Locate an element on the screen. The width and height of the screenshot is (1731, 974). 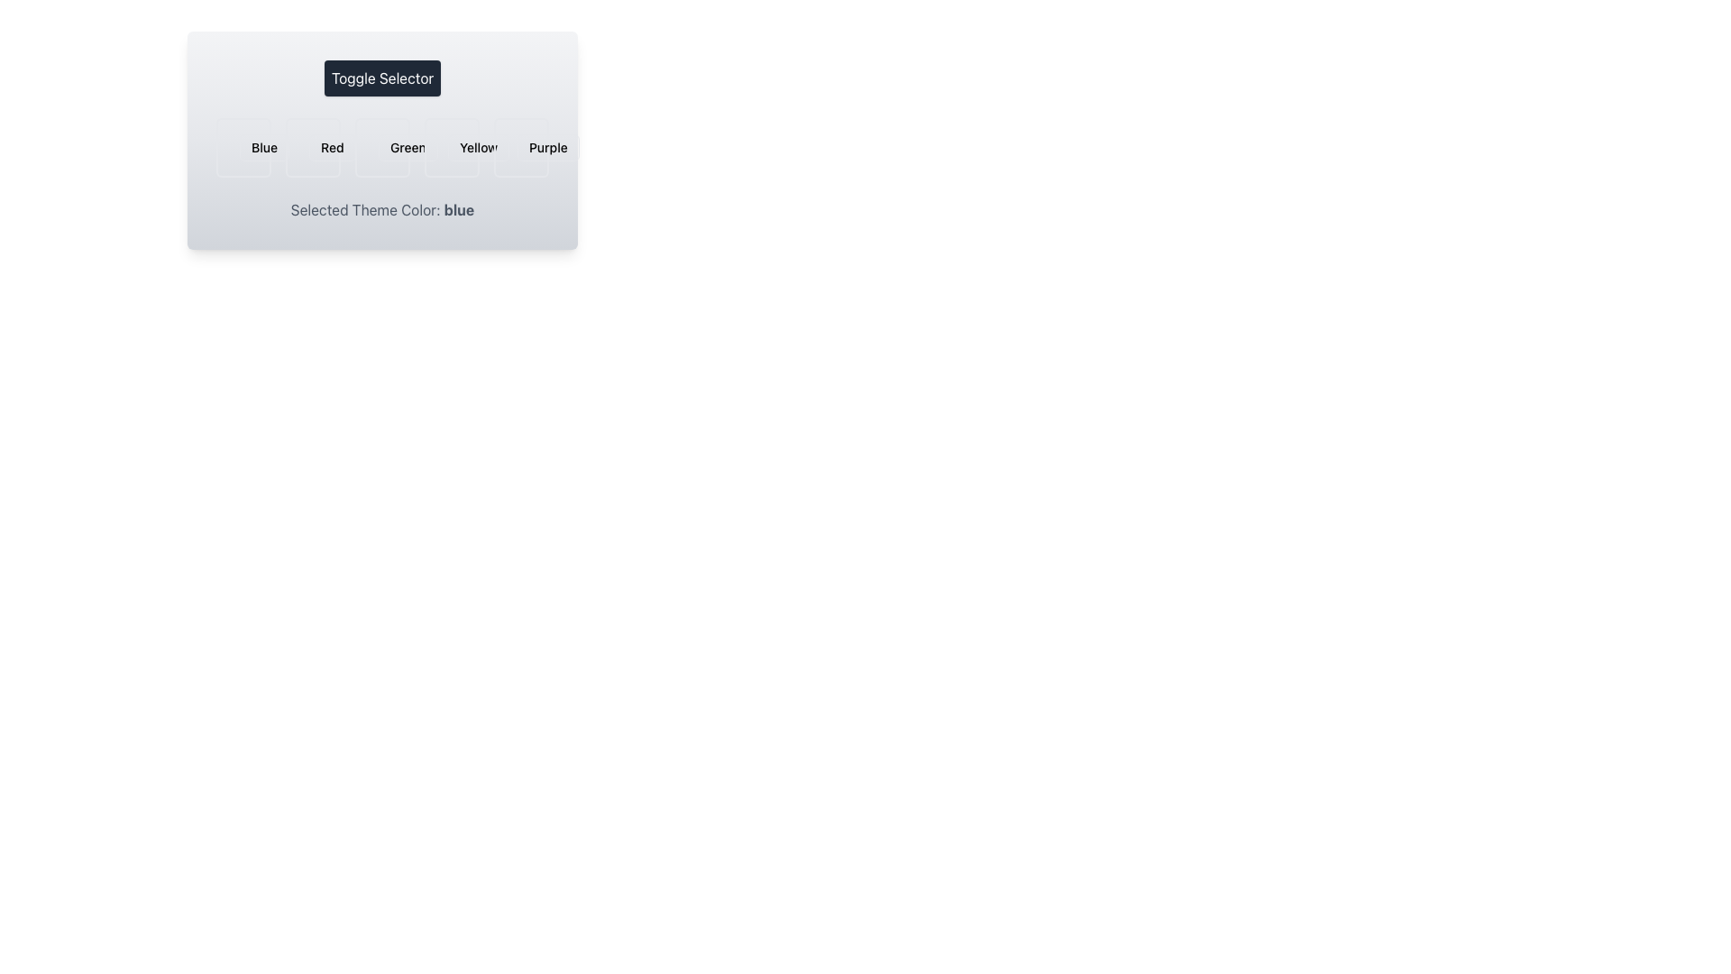
the droplet-shaped icon within the 'Yellow' toggle in the Toggle Selector UI component is located at coordinates (451, 147).